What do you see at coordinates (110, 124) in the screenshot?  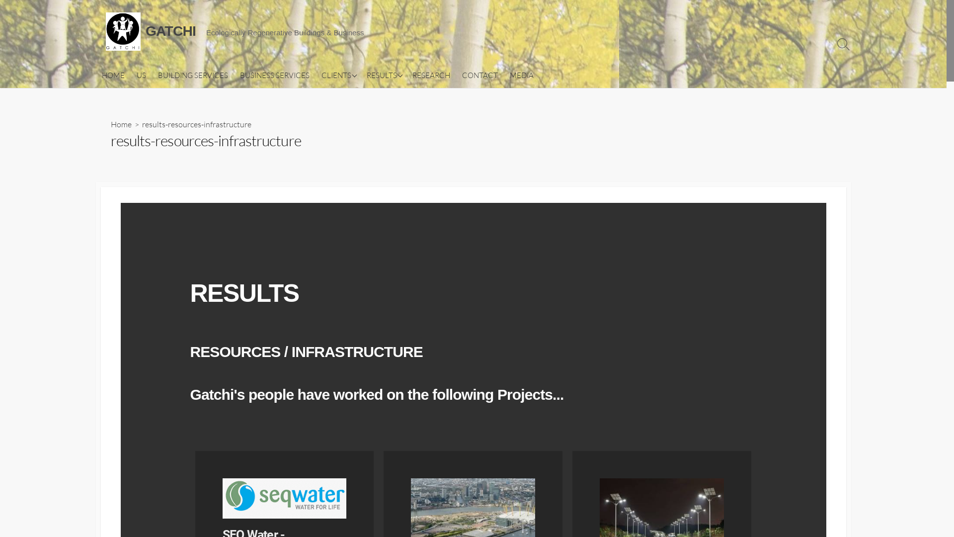 I see `'Home'` at bounding box center [110, 124].